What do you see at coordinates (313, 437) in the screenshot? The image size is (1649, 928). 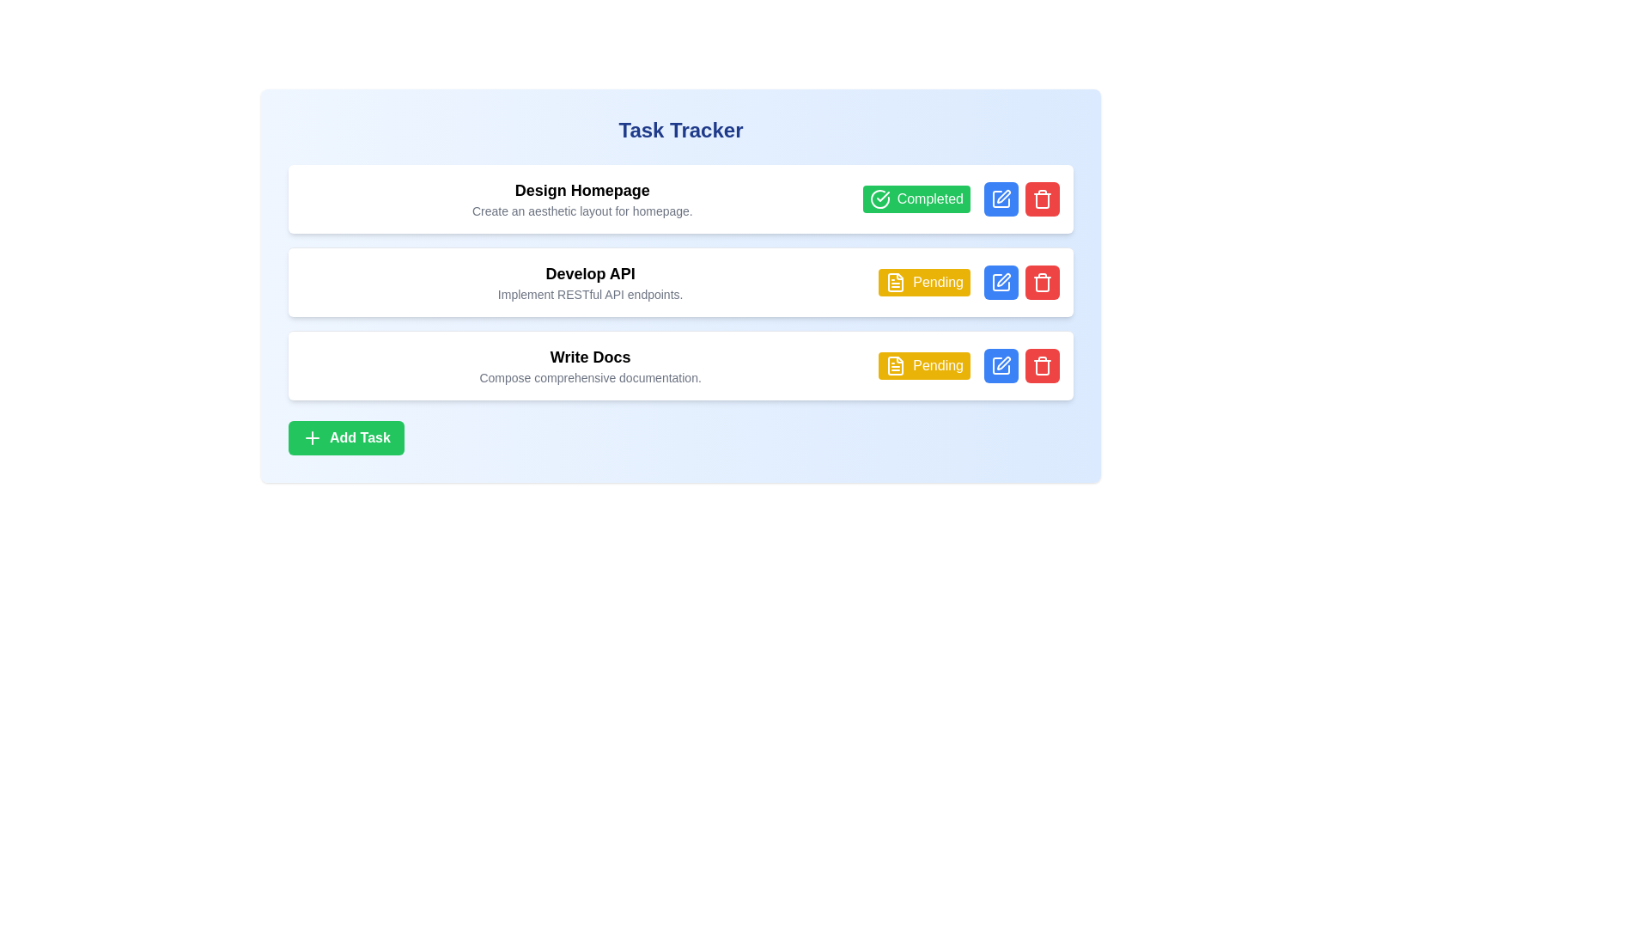 I see `the '+' icon with a green background located within the 'Add Task' button in the bottom-left corner of the content area` at bounding box center [313, 437].